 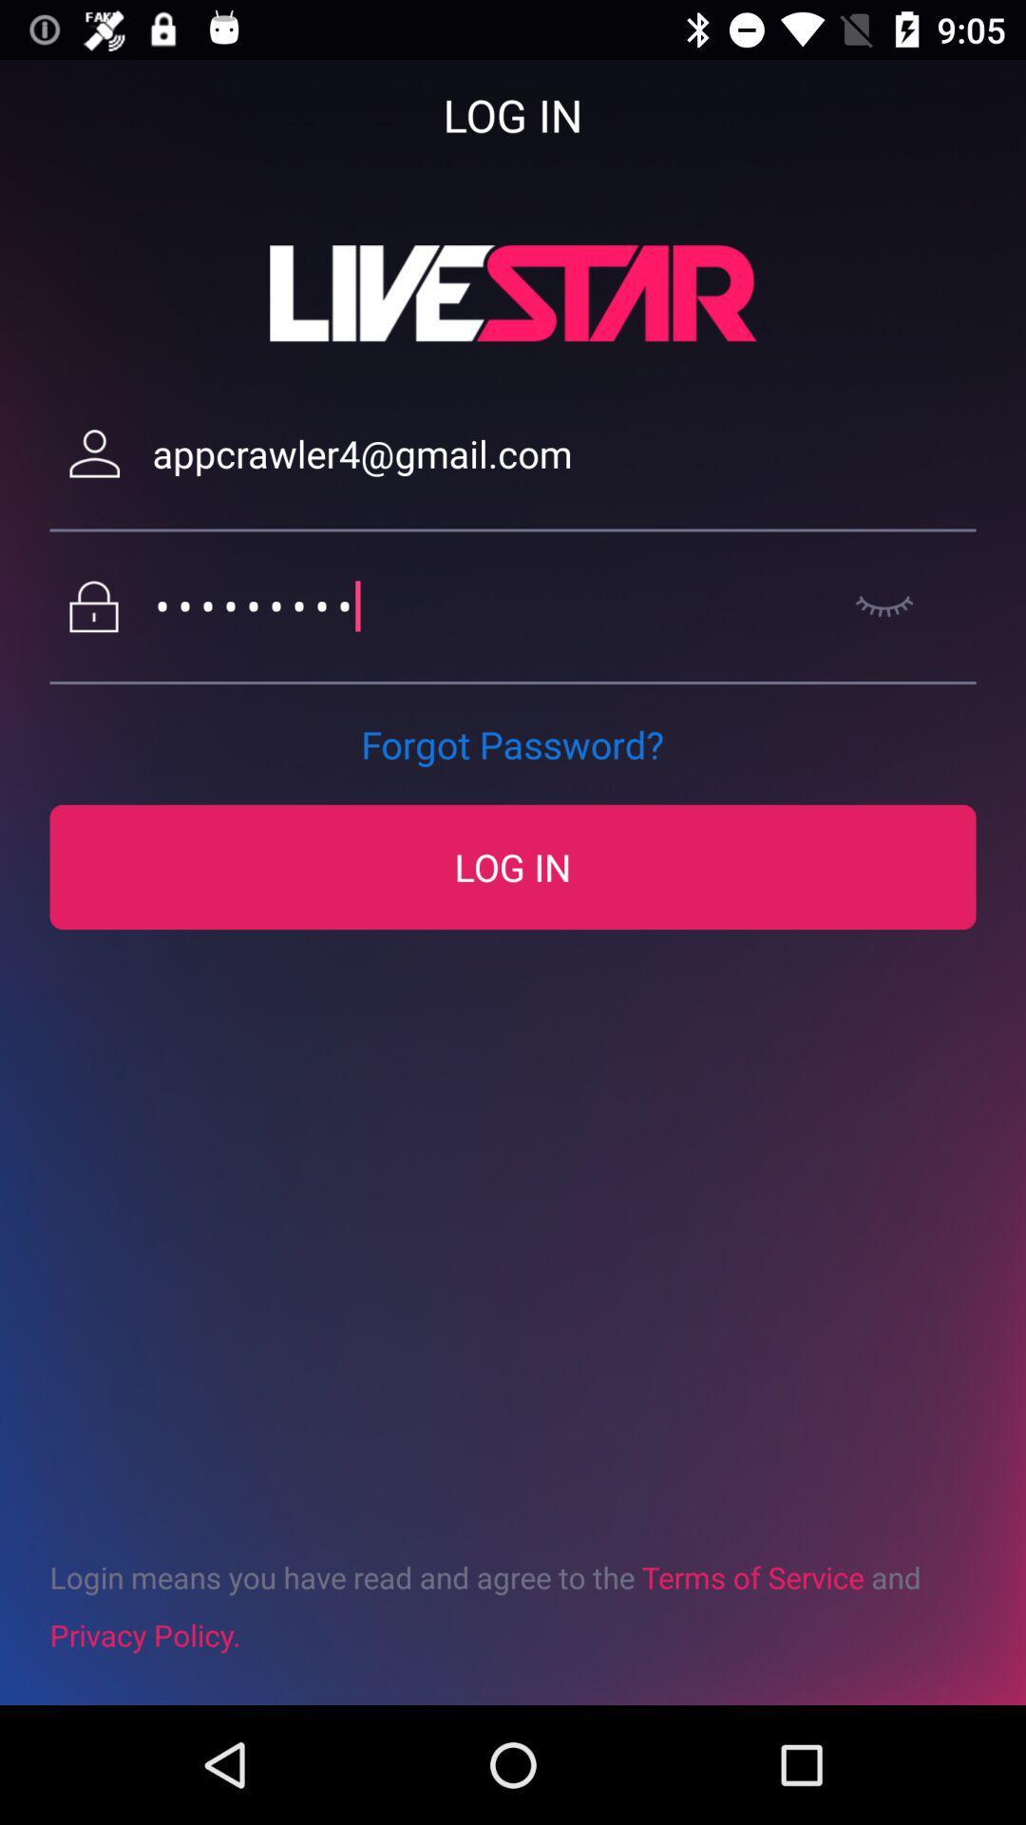 What do you see at coordinates (489, 605) in the screenshot?
I see `the crowd3116` at bounding box center [489, 605].